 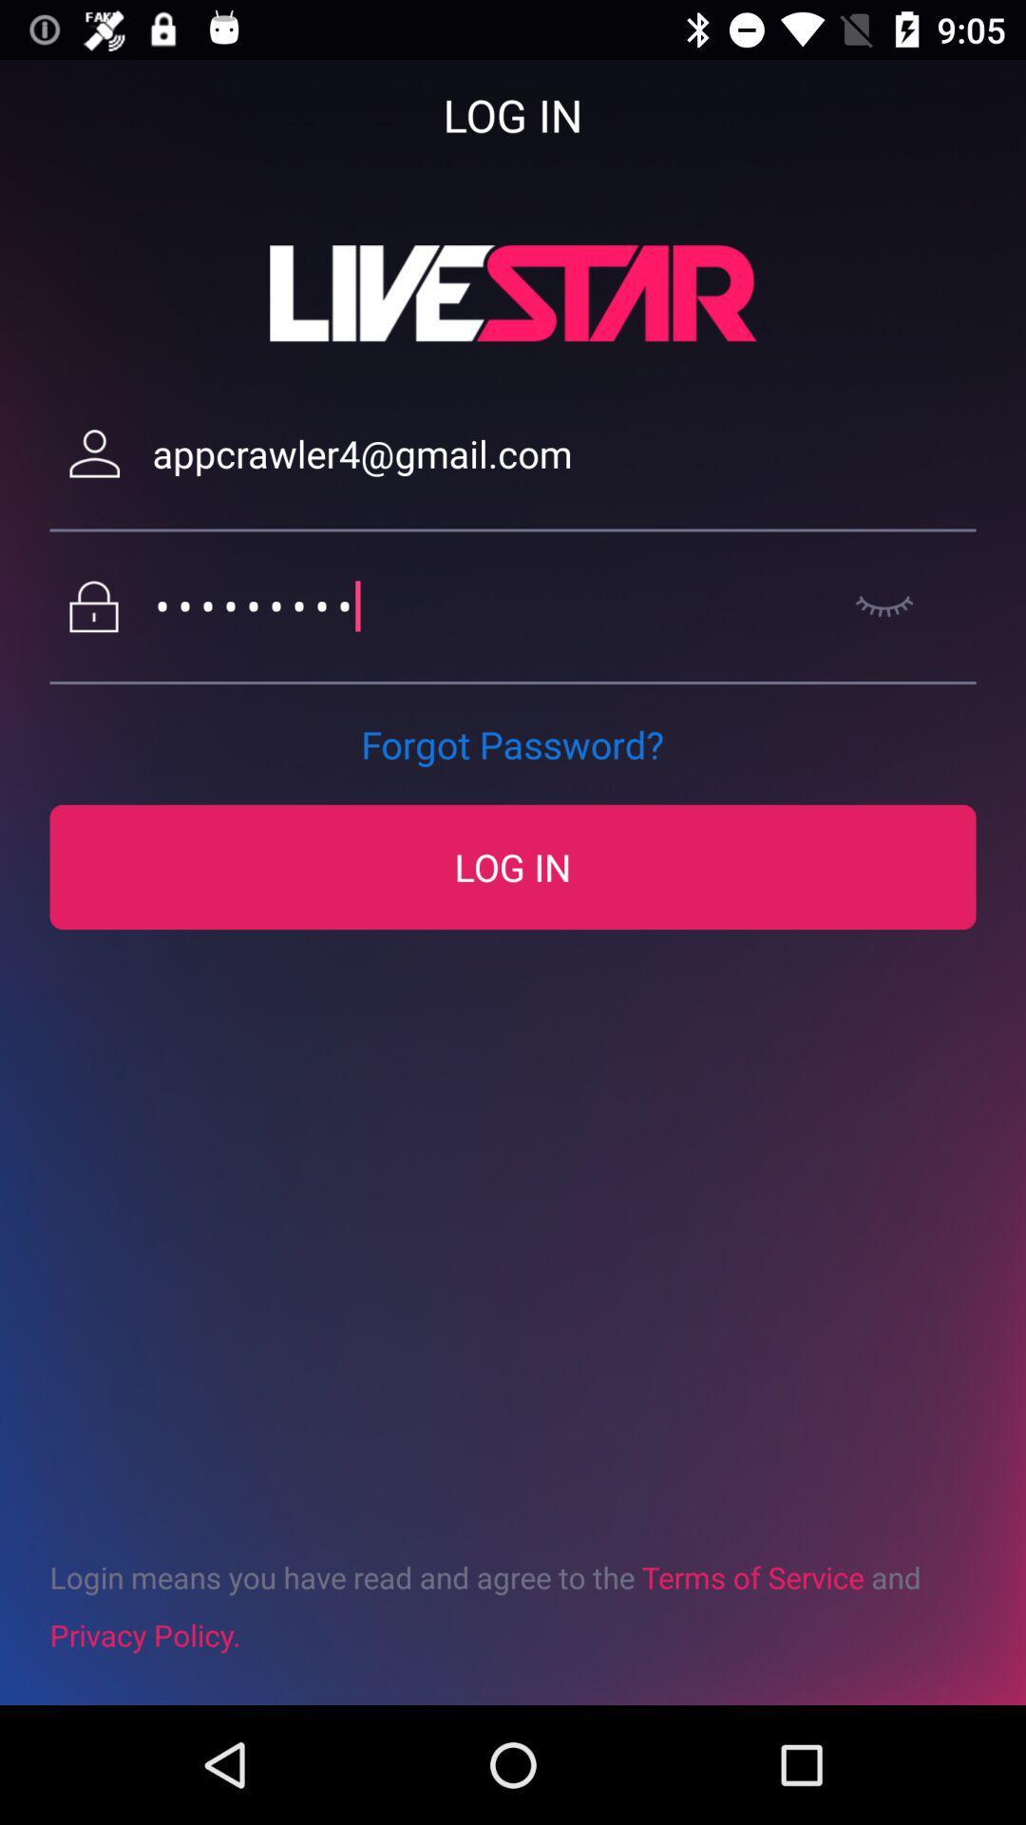 What do you see at coordinates (489, 605) in the screenshot?
I see `the crowd3116` at bounding box center [489, 605].